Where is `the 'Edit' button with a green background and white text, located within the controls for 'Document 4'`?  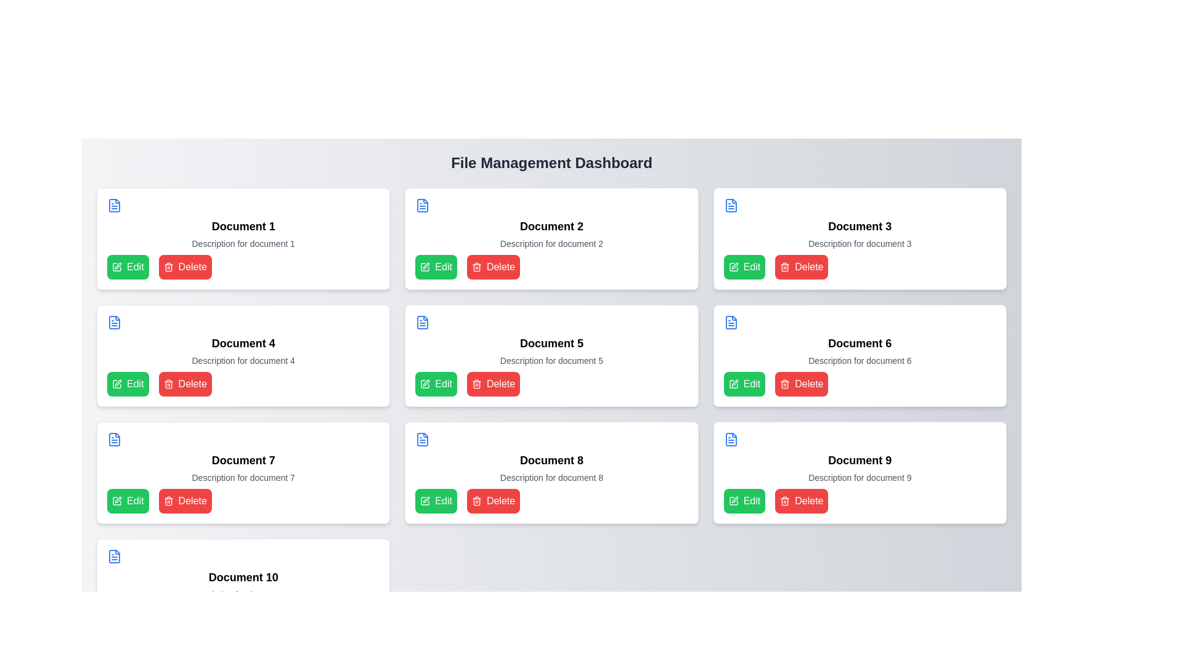 the 'Edit' button with a green background and white text, located within the controls for 'Document 4' is located at coordinates (128, 384).